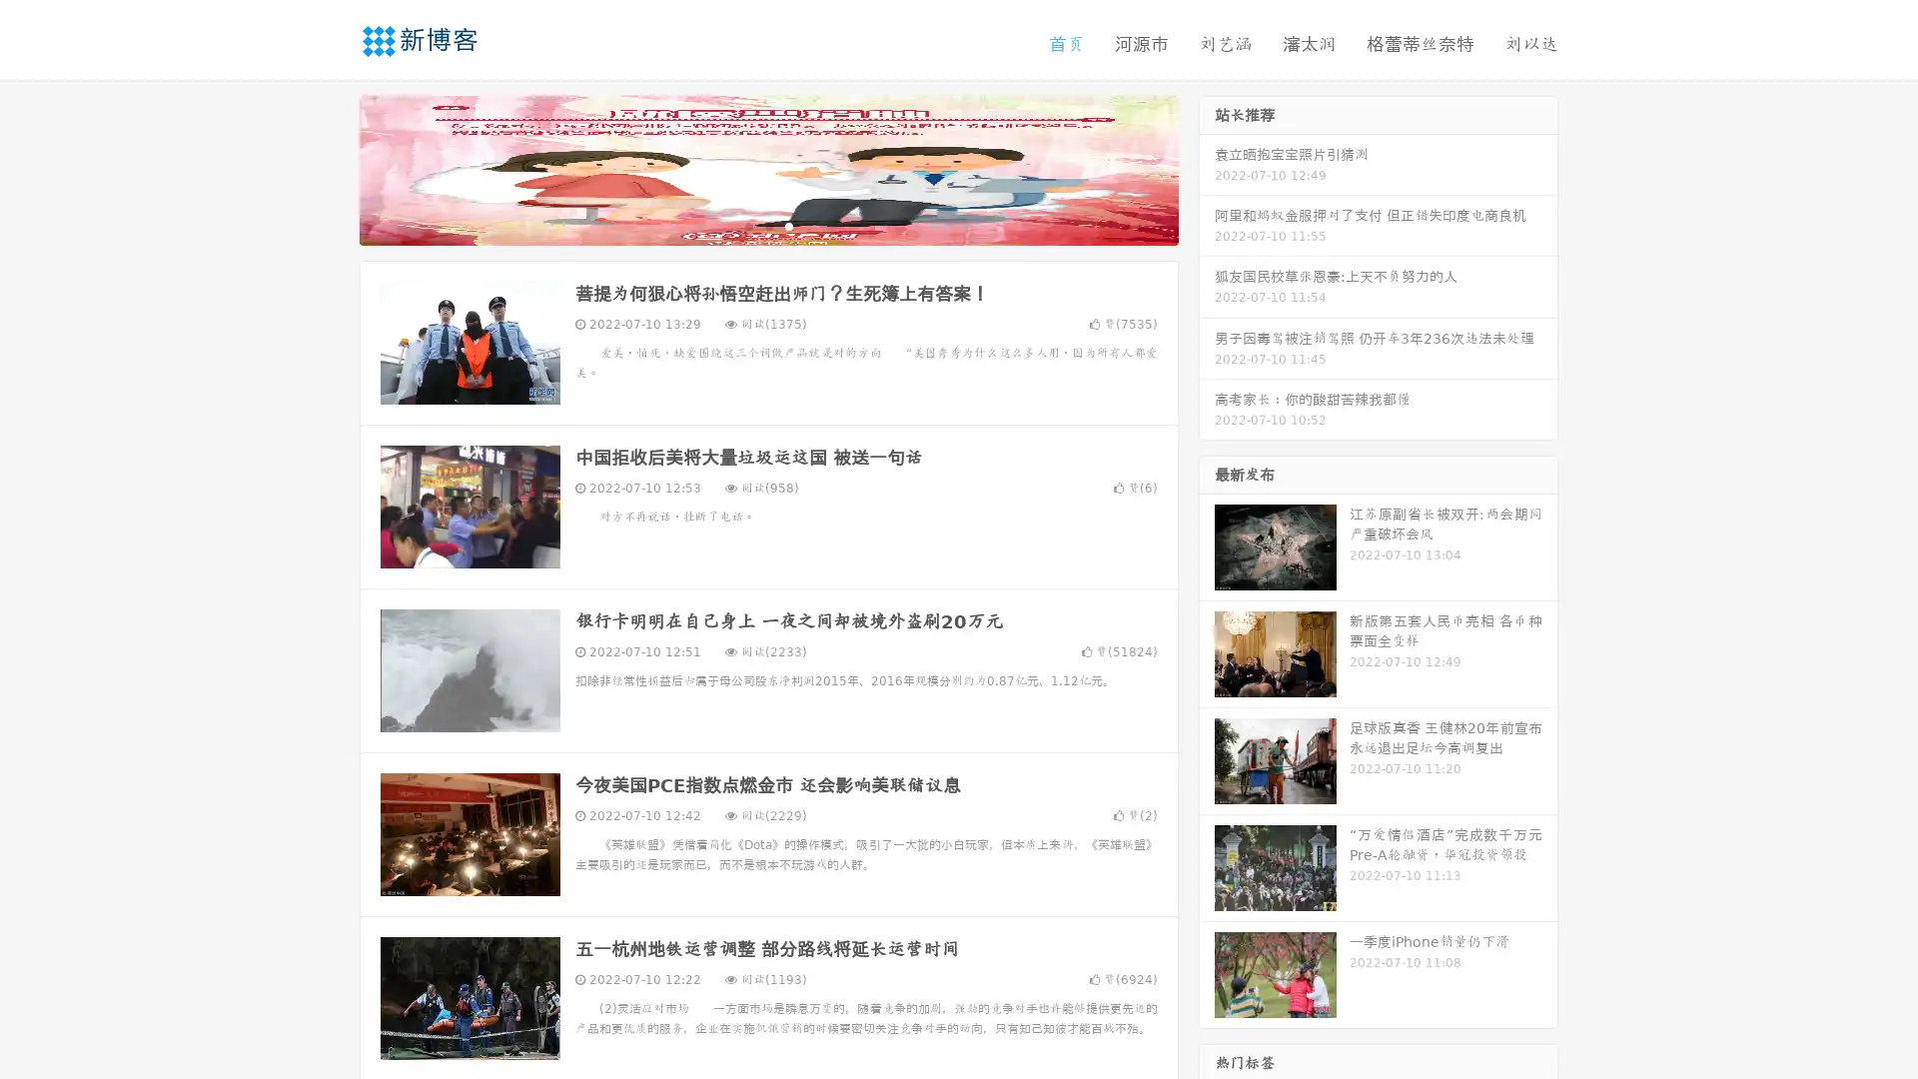 The width and height of the screenshot is (1918, 1079). What do you see at coordinates (767, 225) in the screenshot?
I see `Go to slide 2` at bounding box center [767, 225].